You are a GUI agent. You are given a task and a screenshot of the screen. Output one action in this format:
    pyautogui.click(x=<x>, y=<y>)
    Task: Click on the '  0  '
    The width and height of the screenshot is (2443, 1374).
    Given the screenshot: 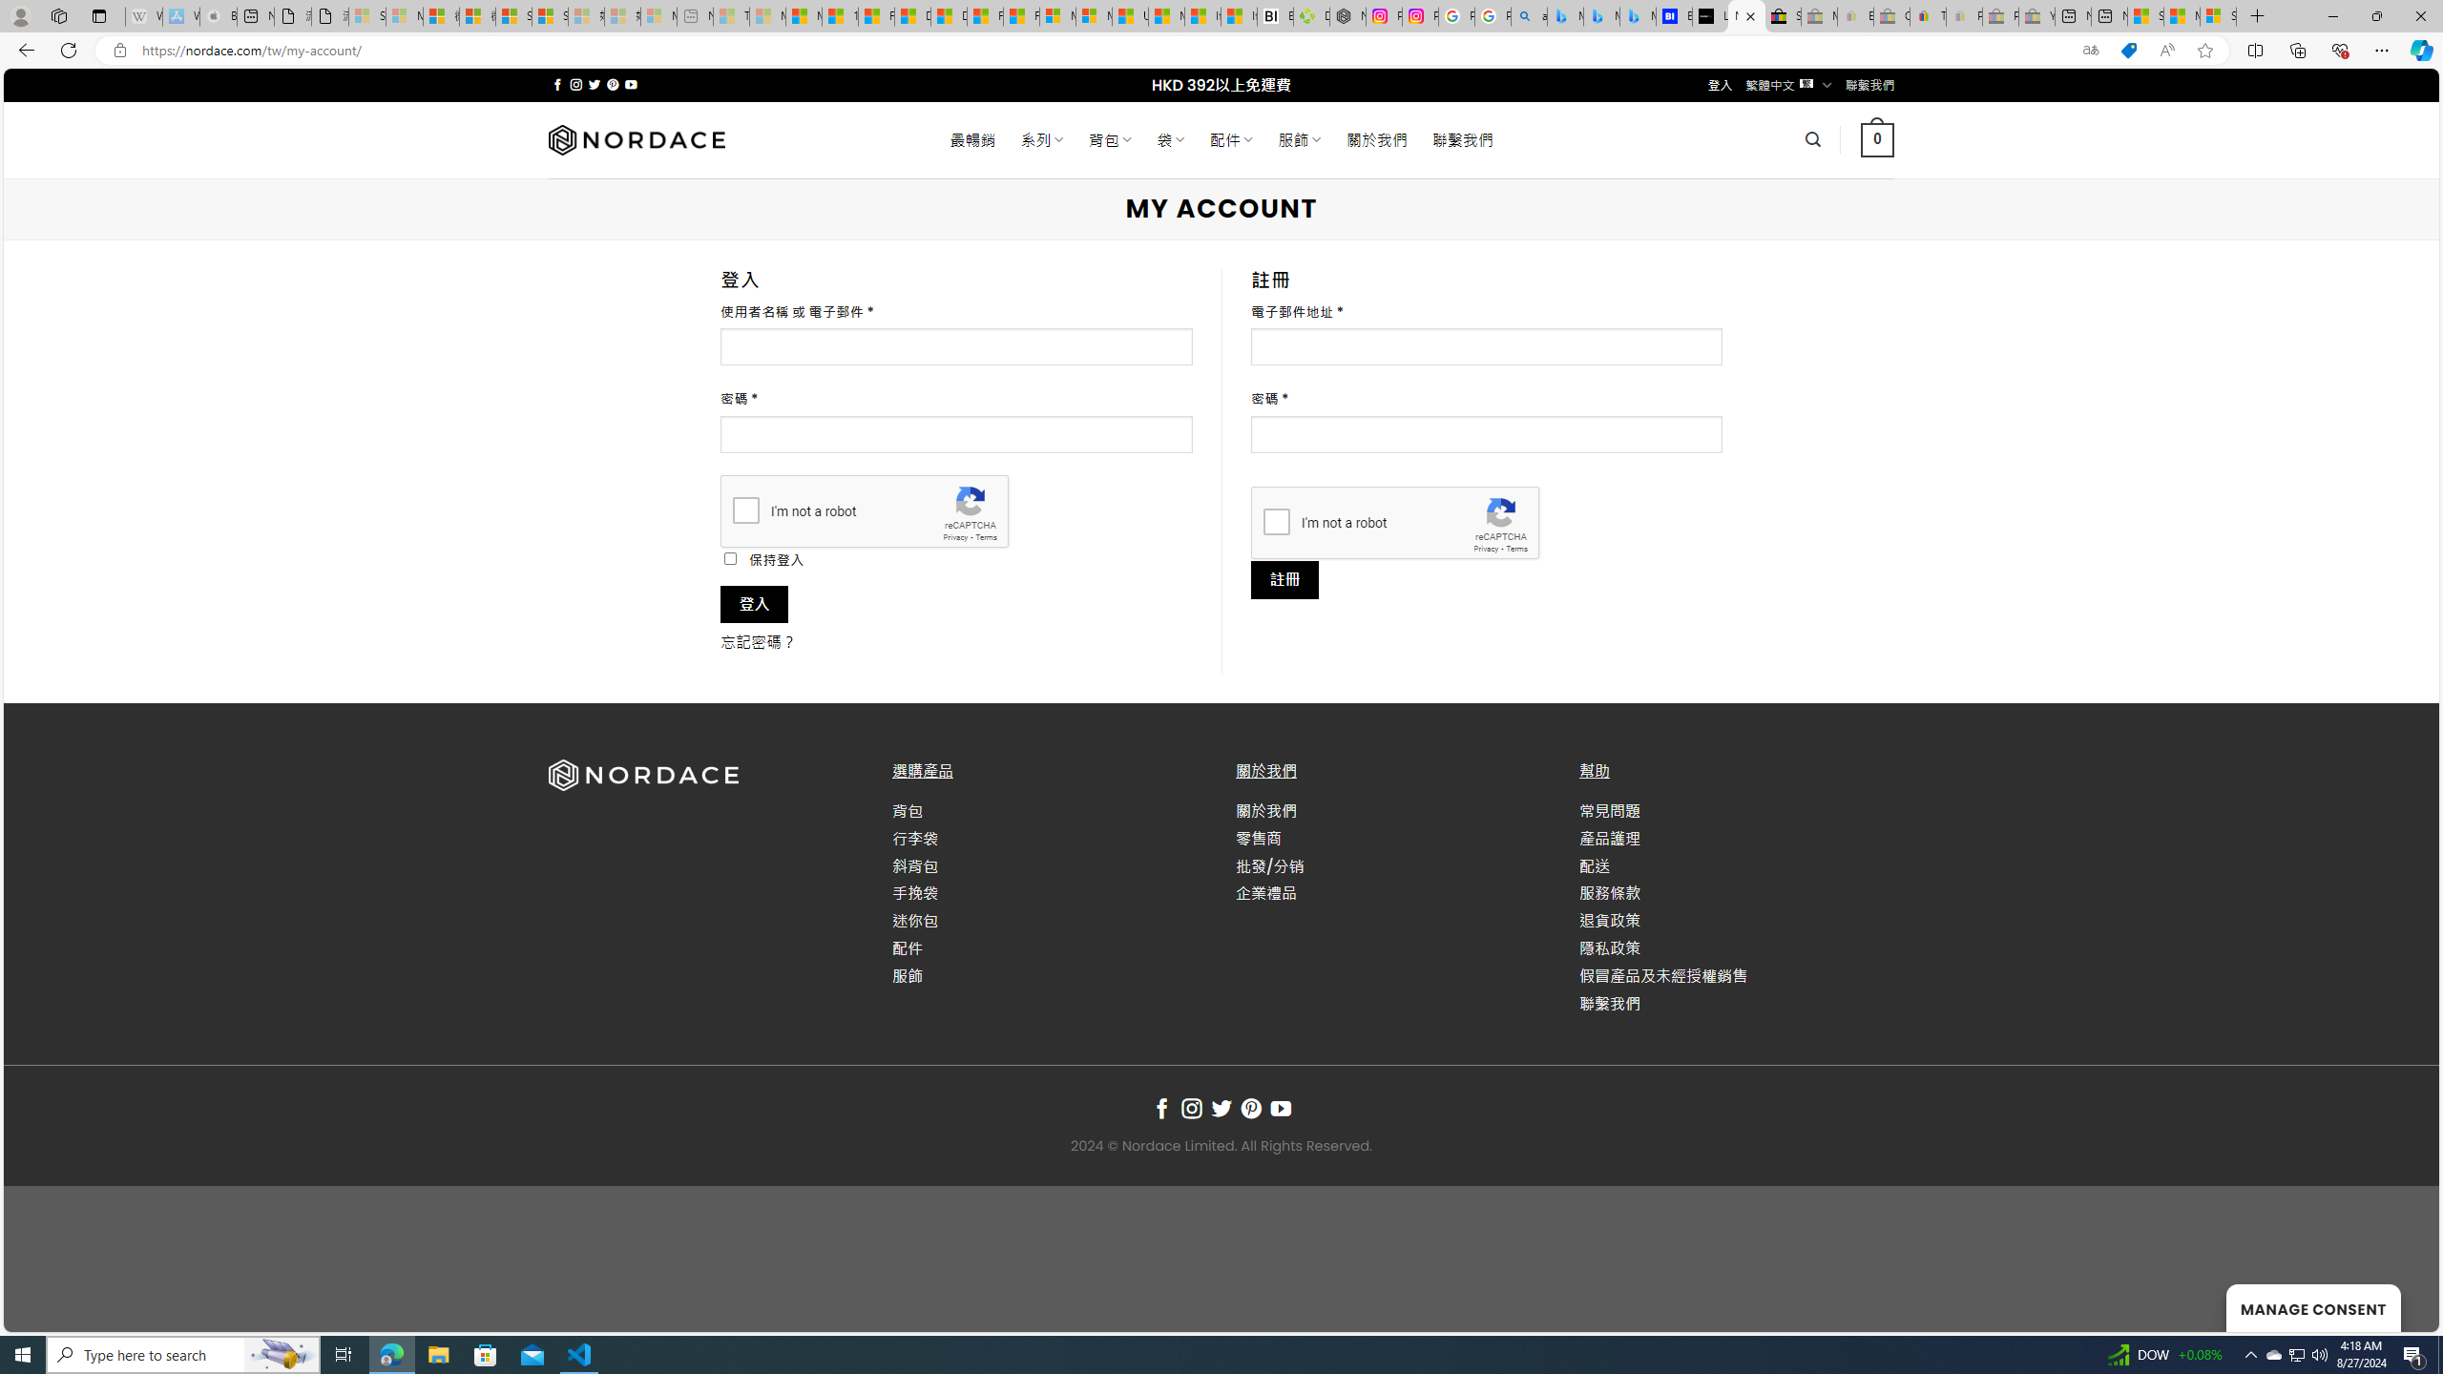 What is the action you would take?
    pyautogui.click(x=1875, y=138)
    